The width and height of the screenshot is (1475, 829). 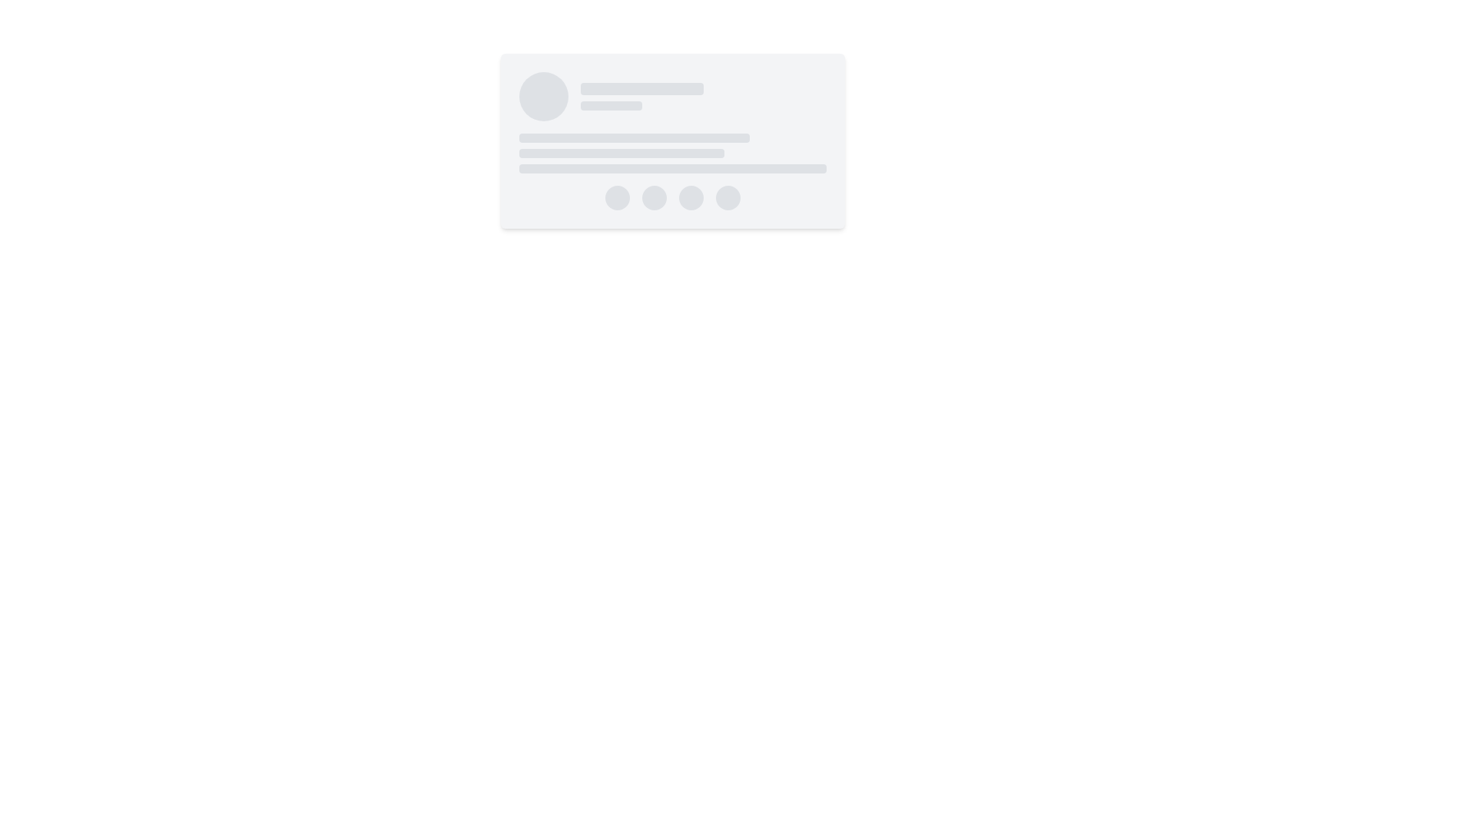 I want to click on the second loading bar or skeleton placeholder, which is a light gray horizontal bar with a rounded rectangle shape, positioned between two other similar horizontal bars, so click(x=621, y=154).